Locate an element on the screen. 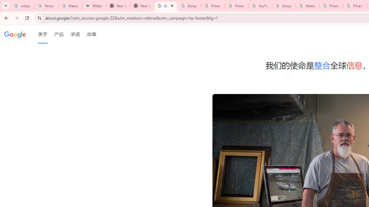  'Back' is located at coordinates (5, 18).